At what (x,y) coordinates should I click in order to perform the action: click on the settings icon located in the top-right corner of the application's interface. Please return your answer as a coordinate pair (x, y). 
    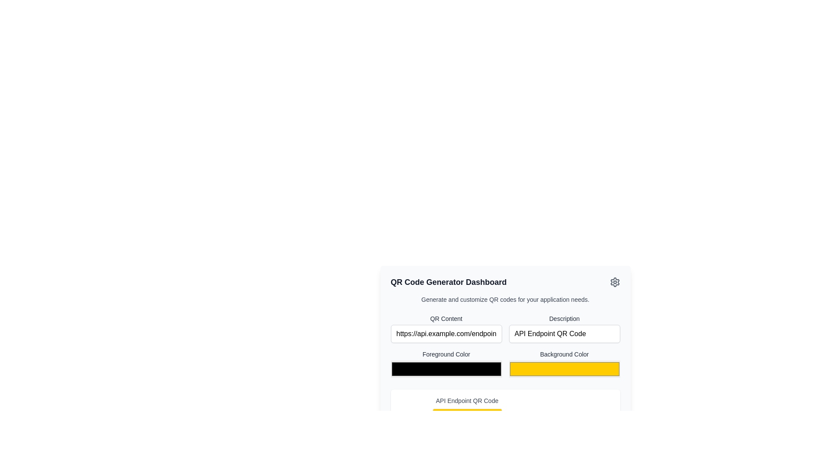
    Looking at the image, I should click on (614, 282).